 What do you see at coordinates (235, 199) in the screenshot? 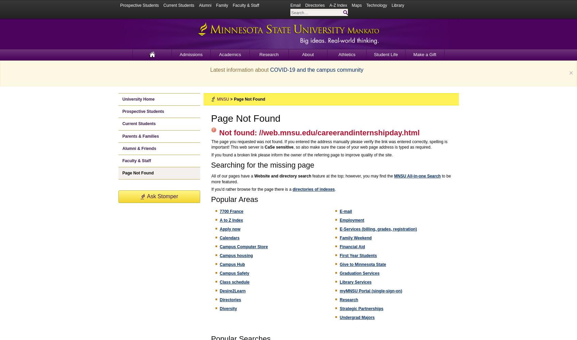
I see `'Popular Areas'` at bounding box center [235, 199].